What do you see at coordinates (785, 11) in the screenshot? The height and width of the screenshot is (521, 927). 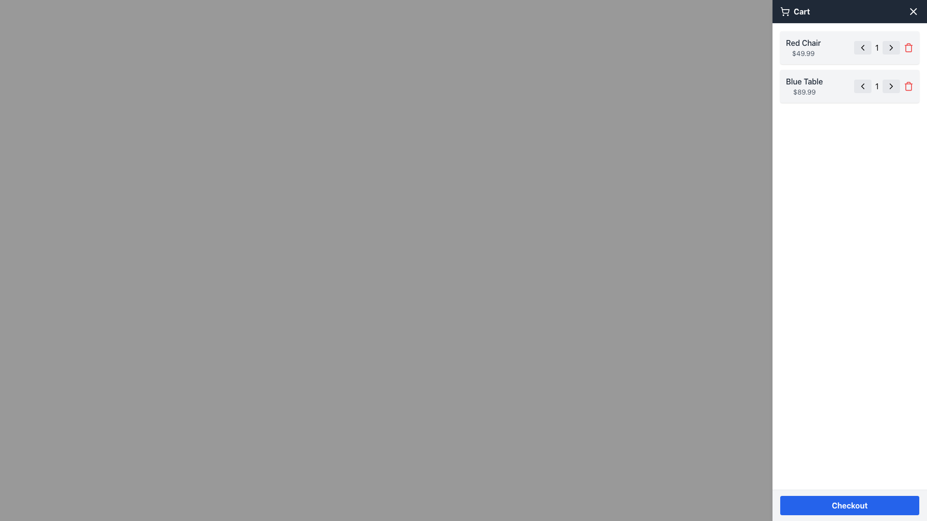 I see `the shopping cart icon located in the dark navigation bar, adjacent to the 'Cart' text label` at bounding box center [785, 11].